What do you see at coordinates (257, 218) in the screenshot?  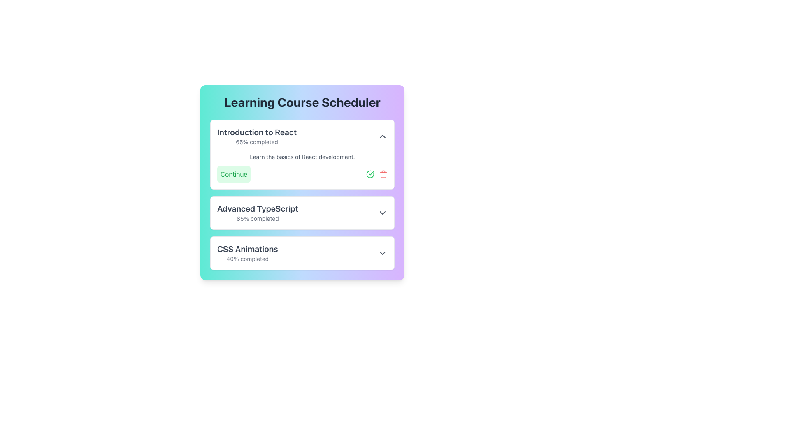 I see `the text element displaying '85% completed' located below the title 'Advanced TypeScript' in the 'Learning Course Scheduler' interface` at bounding box center [257, 218].